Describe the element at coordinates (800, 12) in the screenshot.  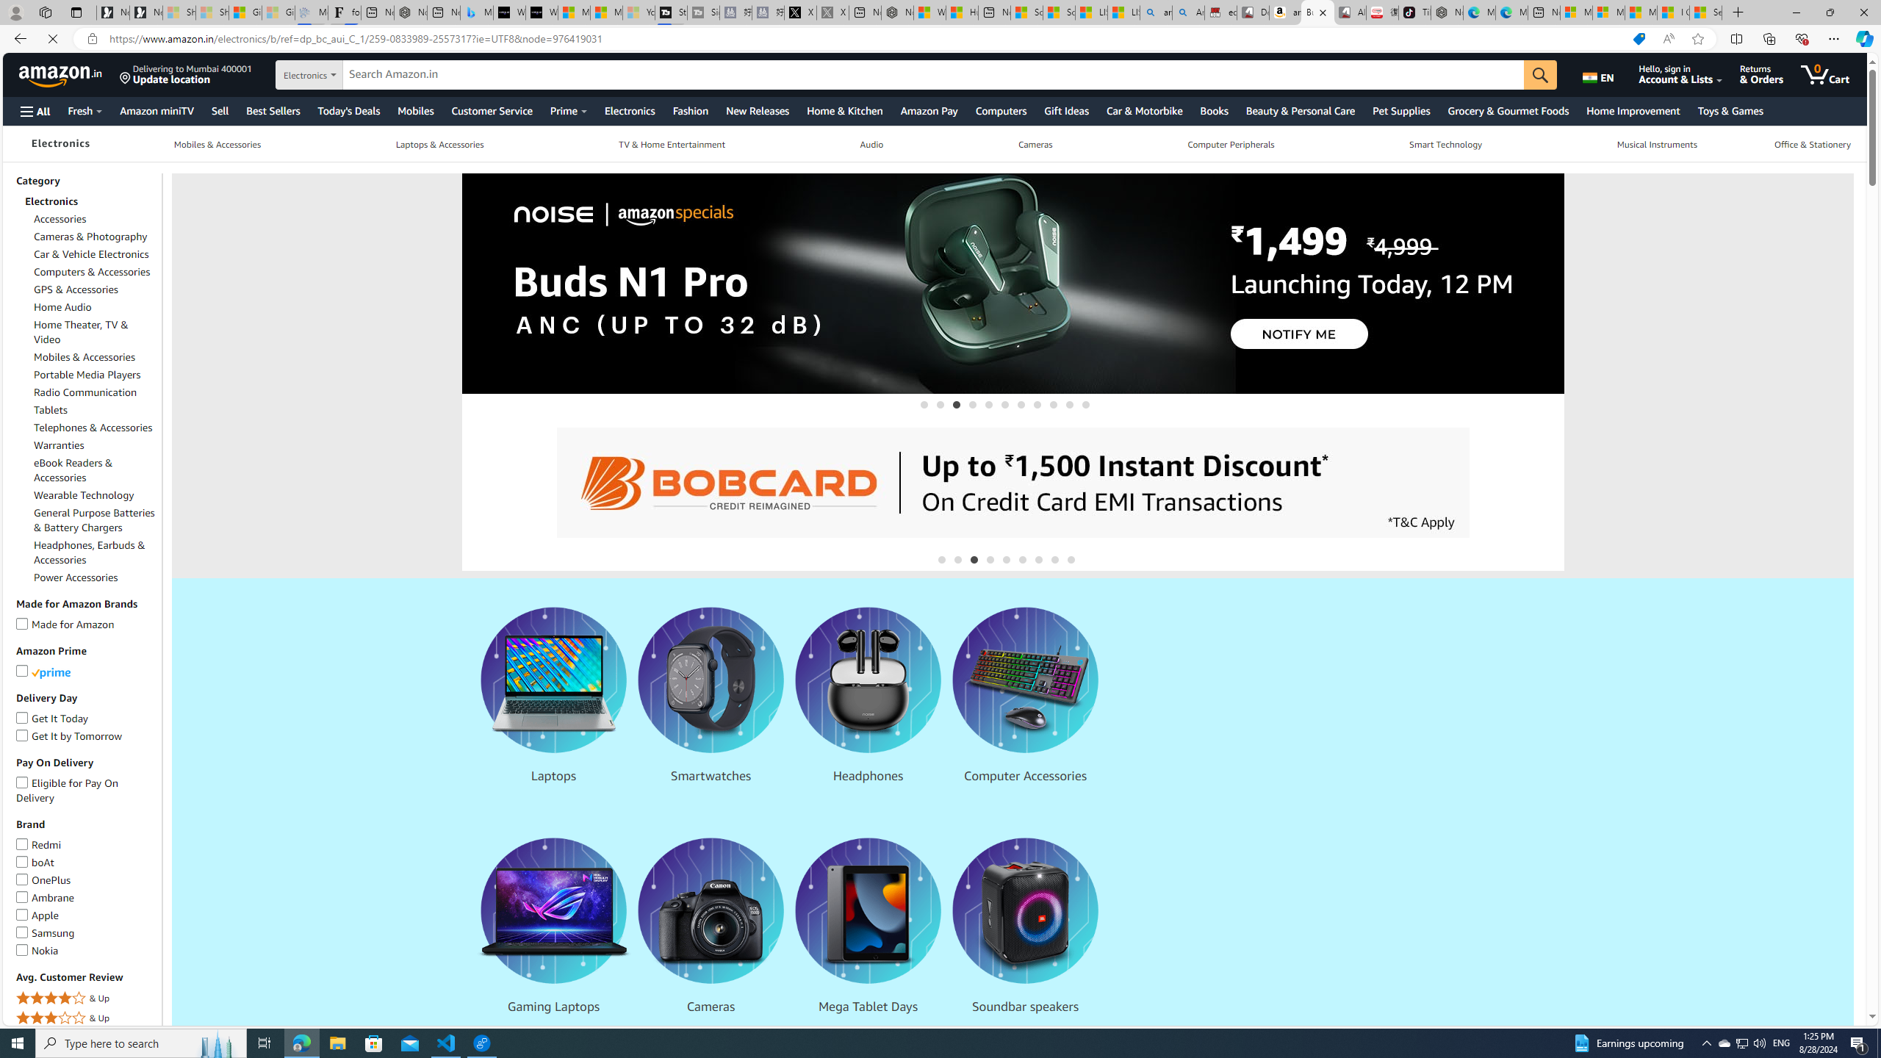
I see `'X'` at that location.